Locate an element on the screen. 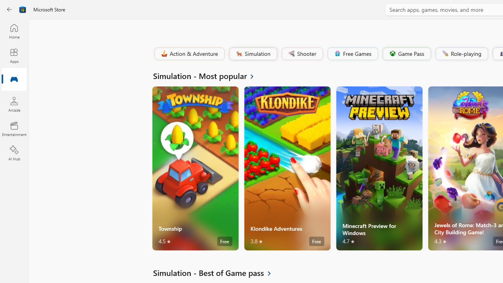 This screenshot has height=283, width=503. 'Game Pass' is located at coordinates (406, 53).